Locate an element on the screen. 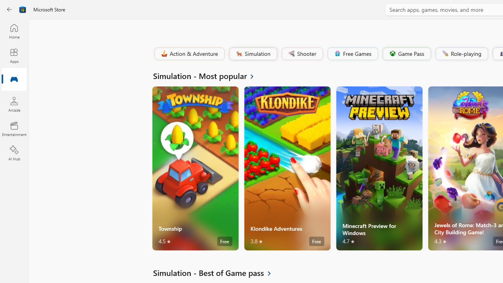 This screenshot has height=283, width=503. 'Game Pass' is located at coordinates (406, 53).